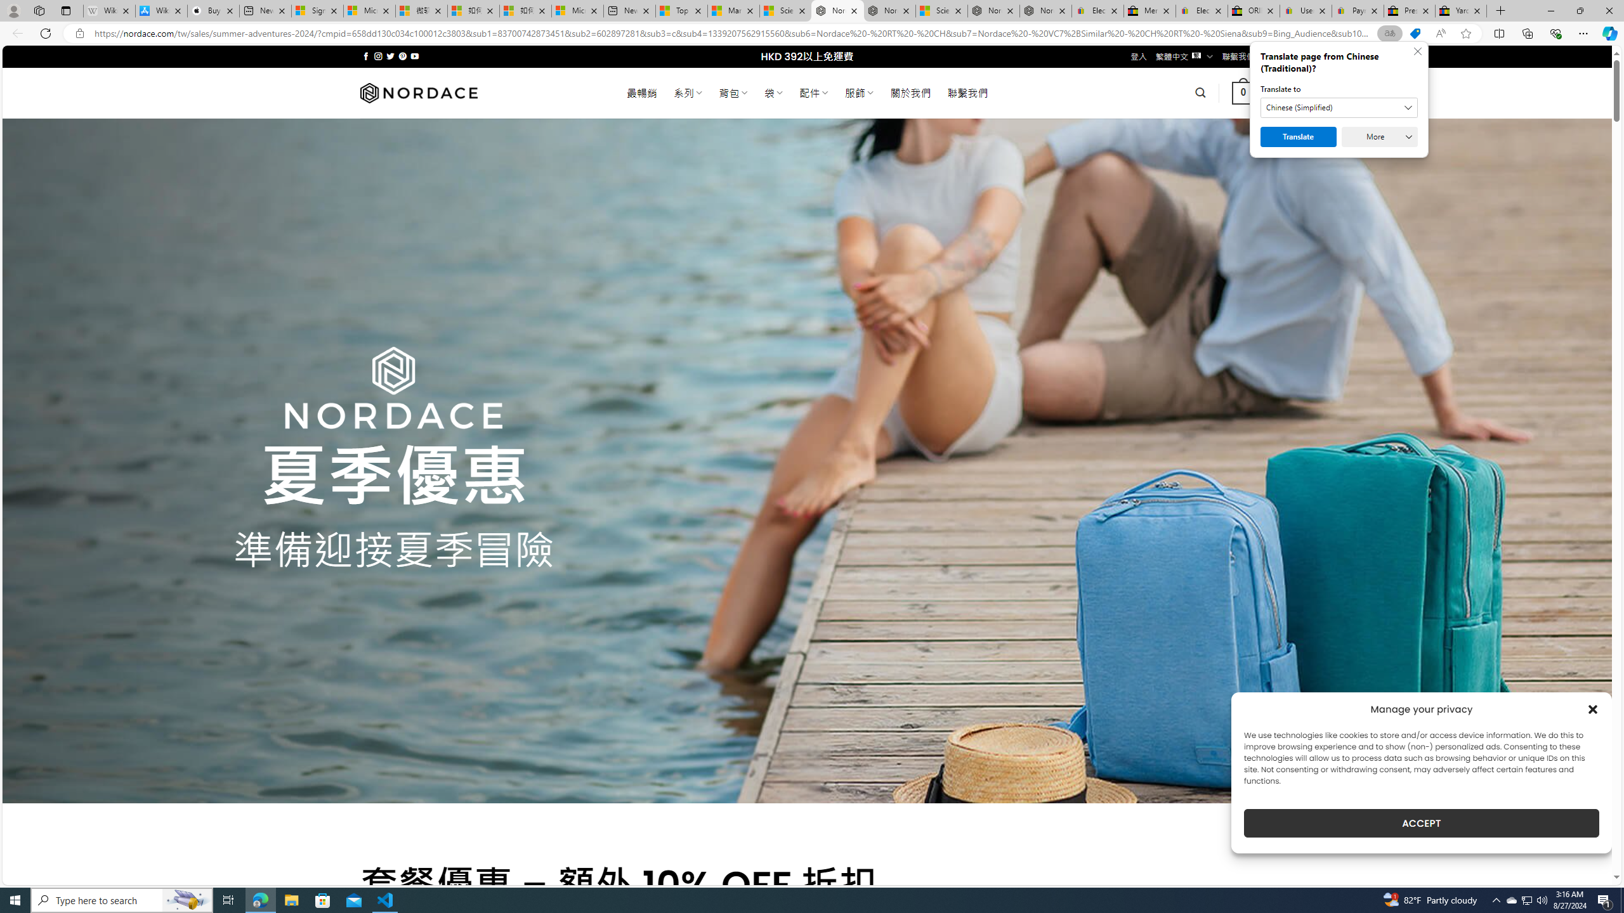 The width and height of the screenshot is (1624, 913). What do you see at coordinates (418, 92) in the screenshot?
I see `'Nordace'` at bounding box center [418, 92].